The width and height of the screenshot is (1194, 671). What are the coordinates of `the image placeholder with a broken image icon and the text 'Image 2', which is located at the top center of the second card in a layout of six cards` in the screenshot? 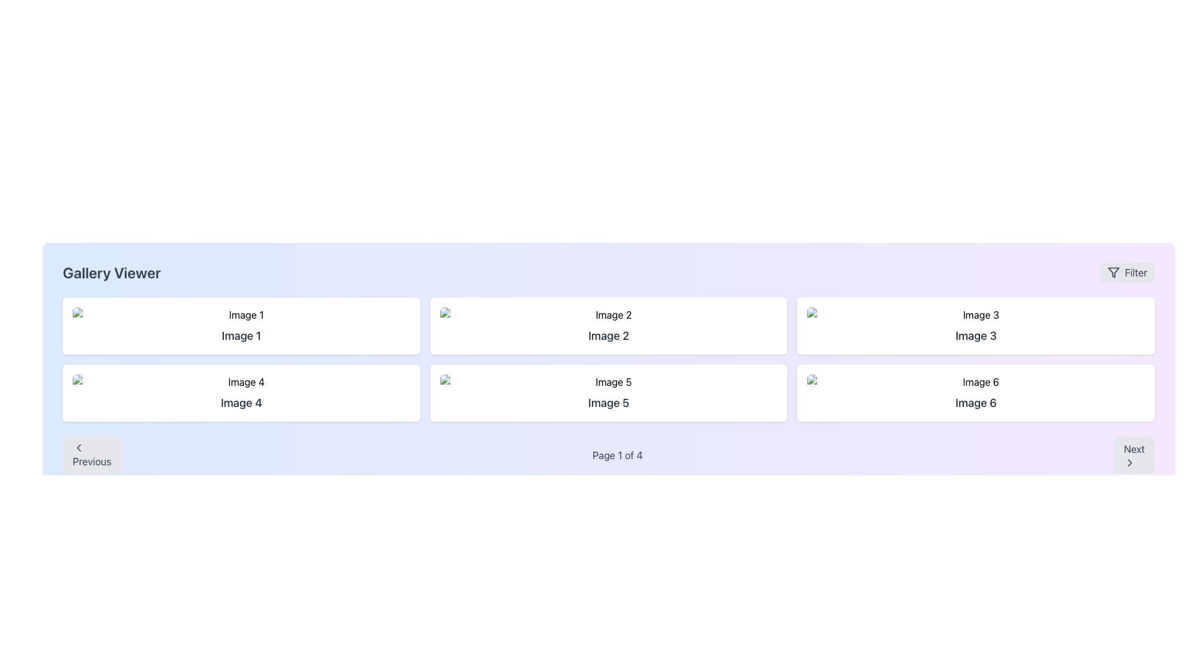 It's located at (609, 314).